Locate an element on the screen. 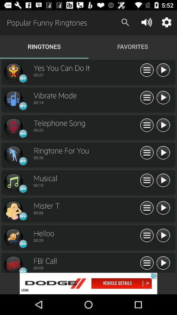 The height and width of the screenshot is (315, 177). ringtone is located at coordinates (13, 182).